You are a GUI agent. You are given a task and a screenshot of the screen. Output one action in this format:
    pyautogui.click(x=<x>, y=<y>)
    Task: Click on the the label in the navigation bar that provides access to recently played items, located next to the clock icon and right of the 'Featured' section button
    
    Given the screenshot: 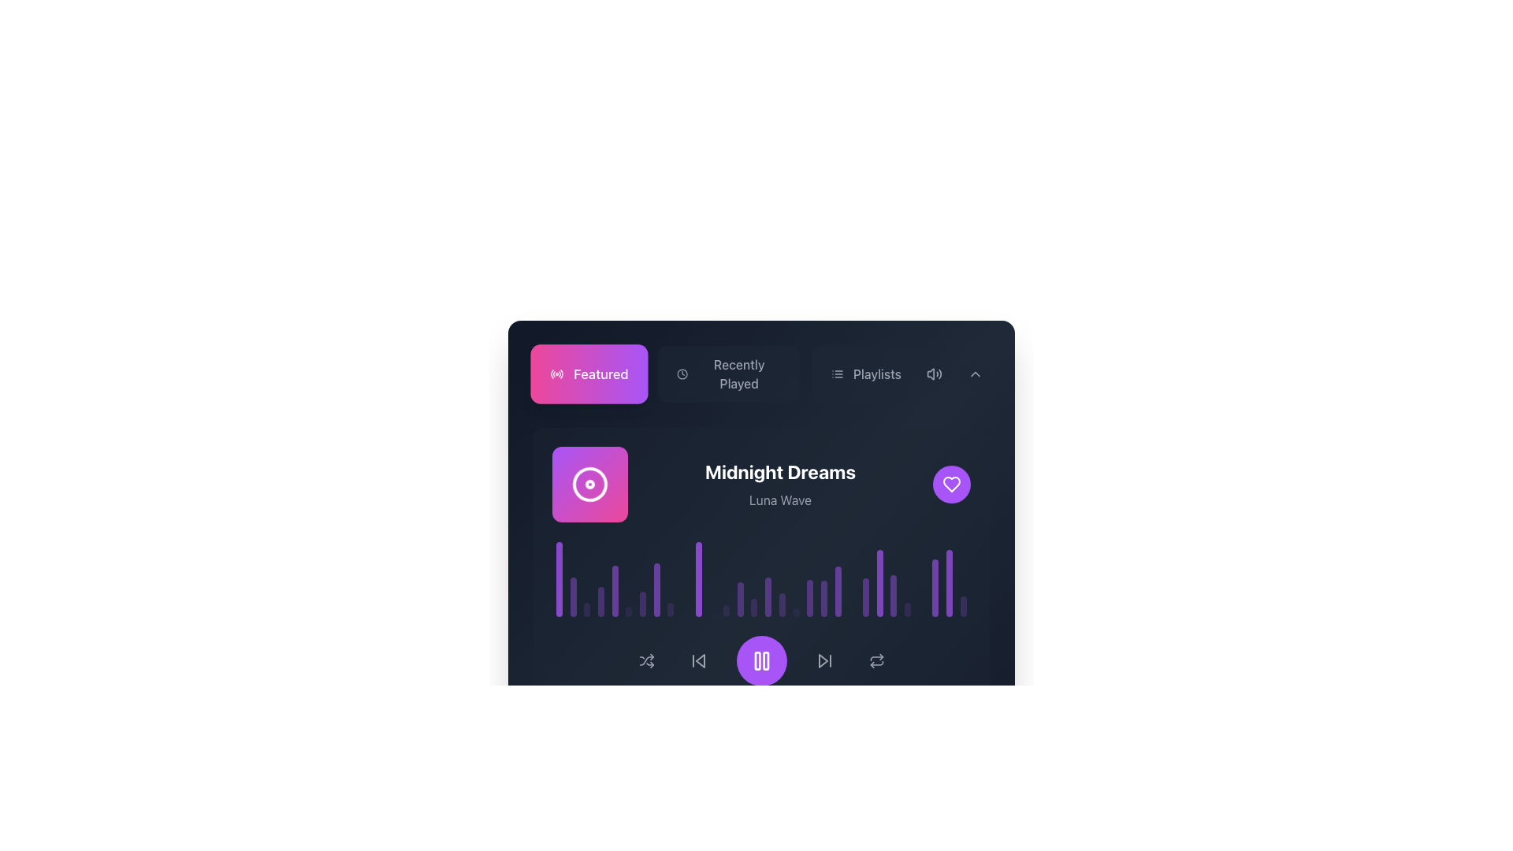 What is the action you would take?
    pyautogui.click(x=738, y=373)
    